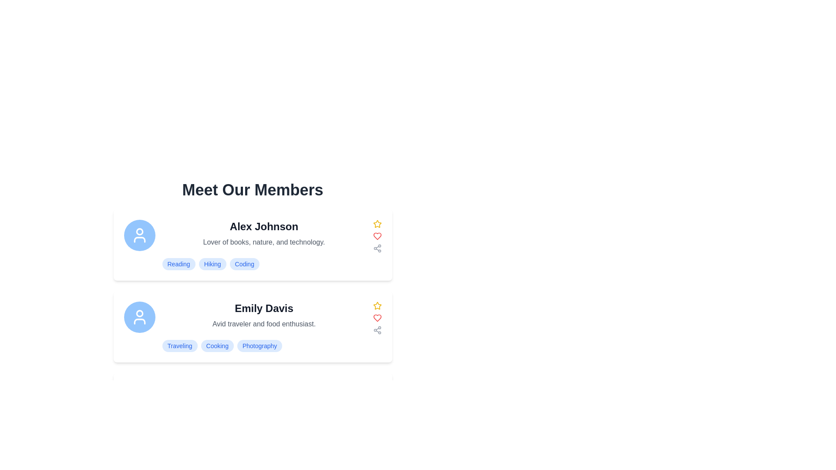 The image size is (836, 470). Describe the element at coordinates (377, 330) in the screenshot. I see `the share icon for the profile of Emily Davis` at that location.